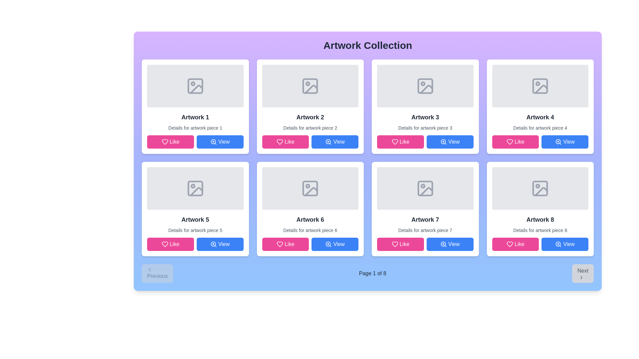 The image size is (639, 359). I want to click on keyboard navigation, so click(335, 244).